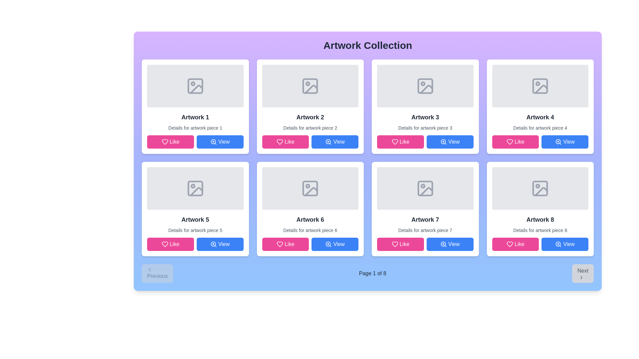 The image size is (639, 359). I want to click on keyboard navigation, so click(335, 244).